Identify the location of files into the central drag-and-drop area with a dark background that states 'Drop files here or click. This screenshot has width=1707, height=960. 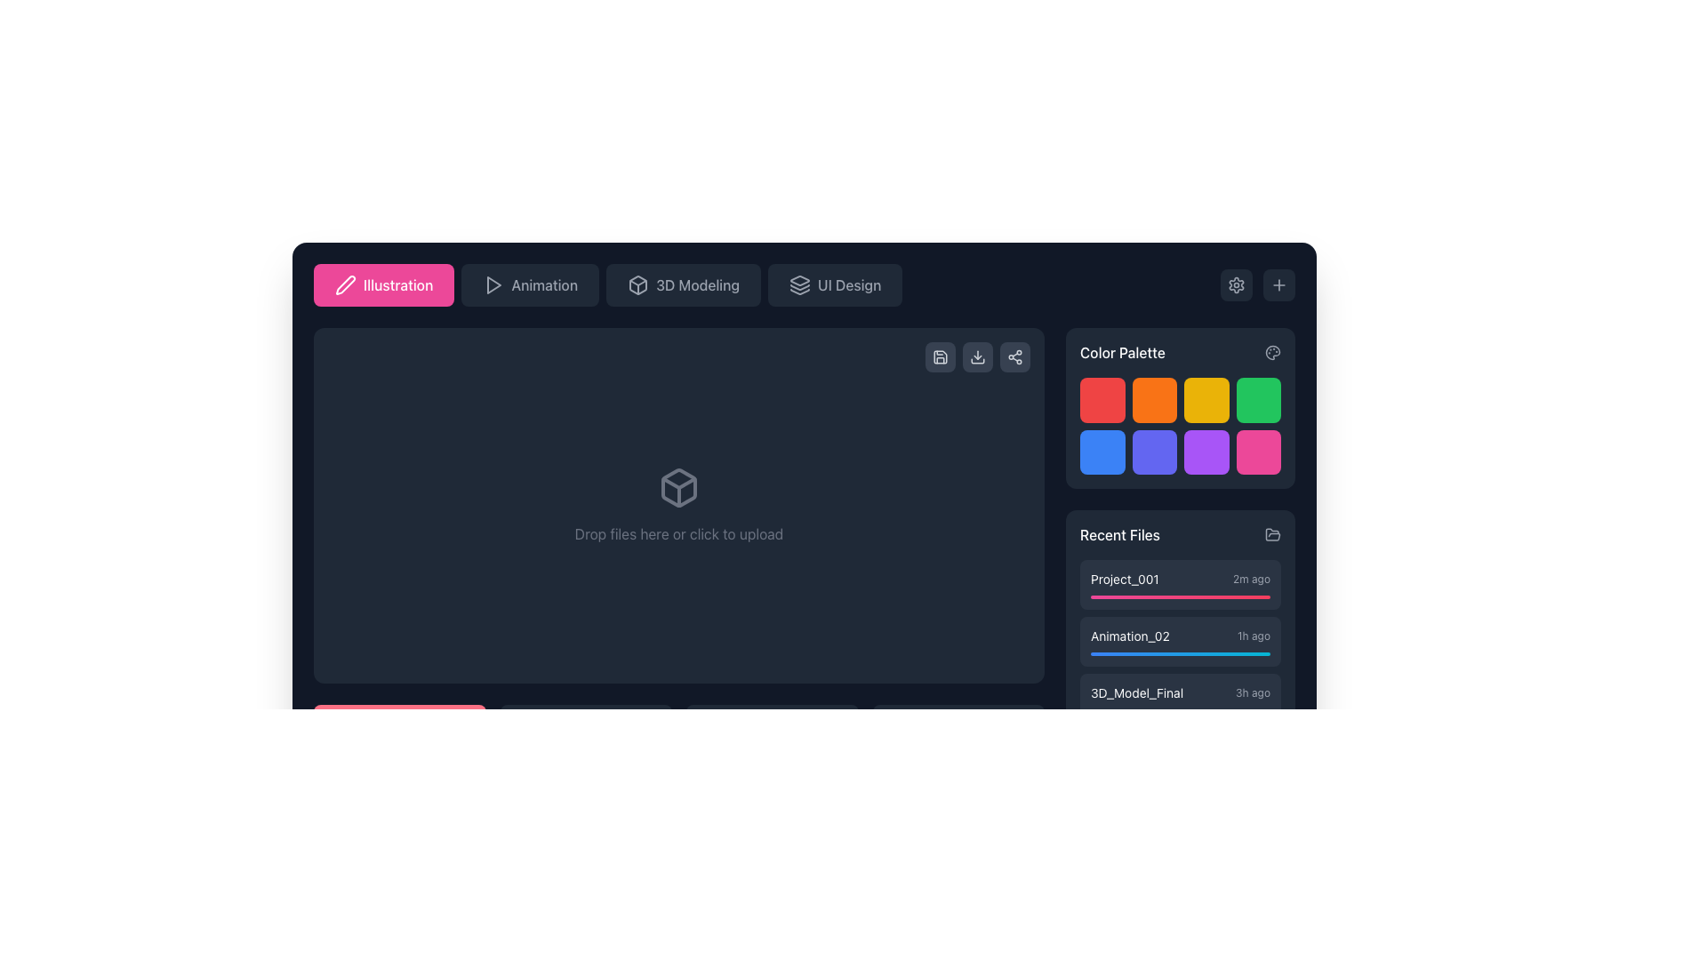
(677, 557).